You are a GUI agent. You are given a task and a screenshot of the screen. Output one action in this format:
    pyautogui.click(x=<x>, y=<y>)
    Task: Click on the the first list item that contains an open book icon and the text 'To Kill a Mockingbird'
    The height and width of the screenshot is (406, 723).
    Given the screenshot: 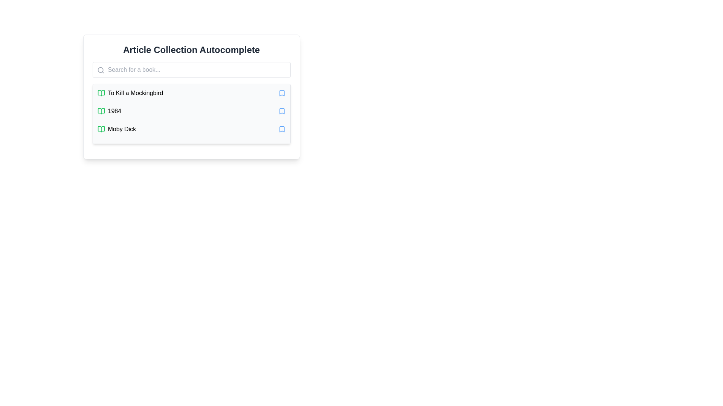 What is the action you would take?
    pyautogui.click(x=130, y=92)
    